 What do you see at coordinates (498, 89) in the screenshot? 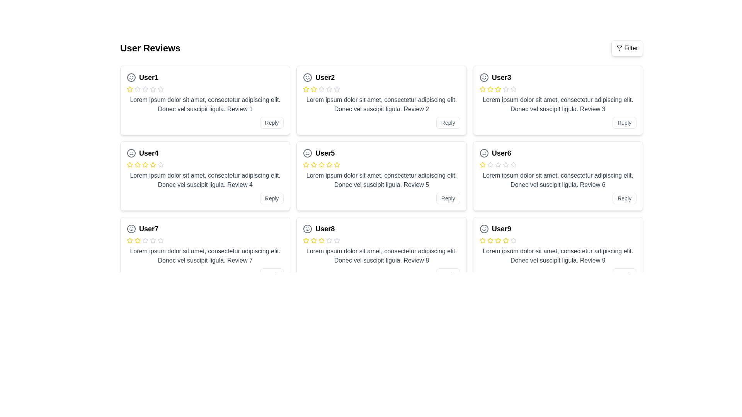
I see `the fourth star in the rating indicator for 'User3' located in the review card of the second row, first column` at bounding box center [498, 89].